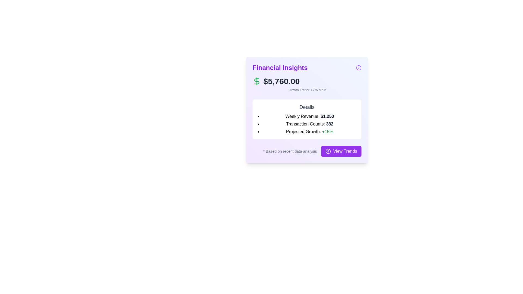 The image size is (523, 294). I want to click on the circular icon located at the top-right of the 'Financial Insights' card, so click(358, 68).